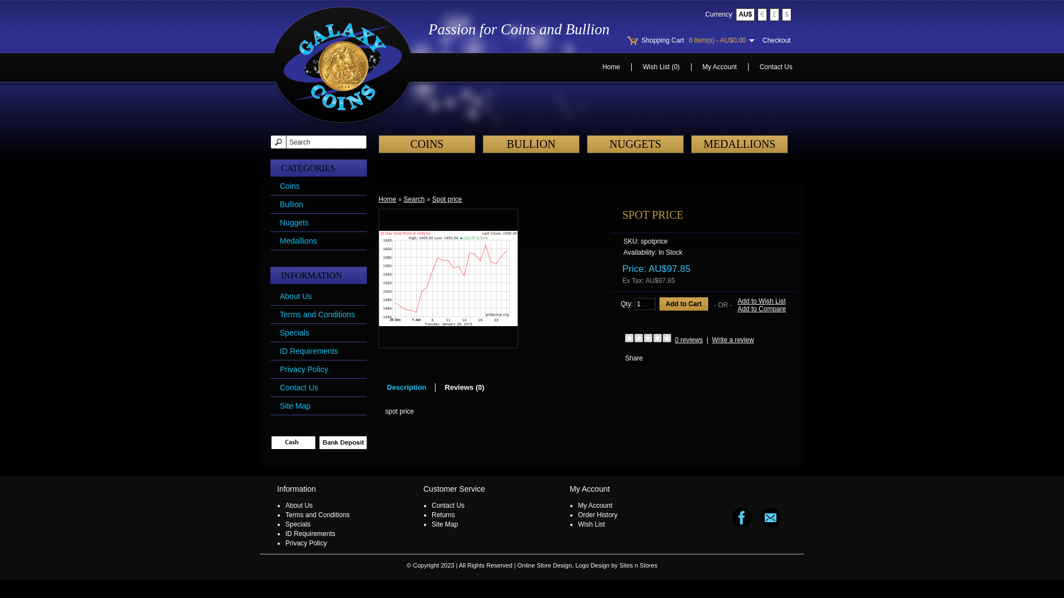 The image size is (1064, 598). I want to click on 'AU$', so click(745, 14).